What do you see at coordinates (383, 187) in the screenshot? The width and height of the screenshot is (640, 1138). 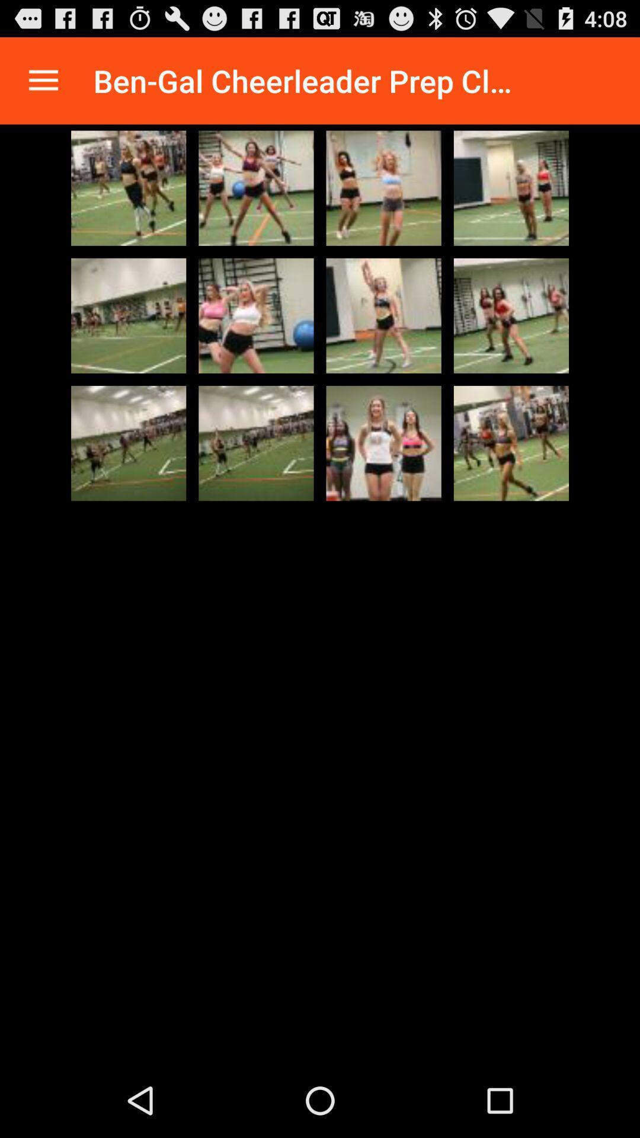 I see `selected video` at bounding box center [383, 187].